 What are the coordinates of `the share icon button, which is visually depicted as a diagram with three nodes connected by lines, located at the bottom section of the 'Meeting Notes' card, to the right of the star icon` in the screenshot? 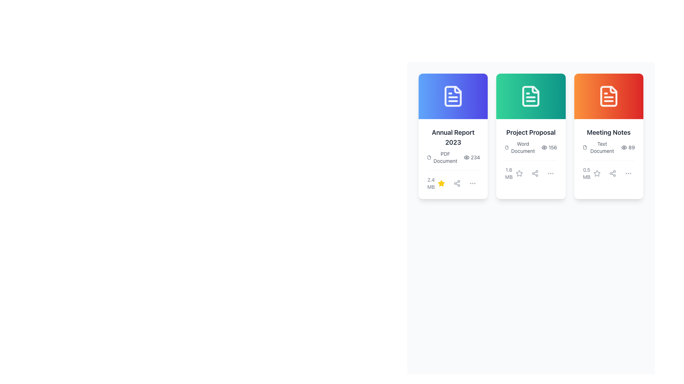 It's located at (612, 174).